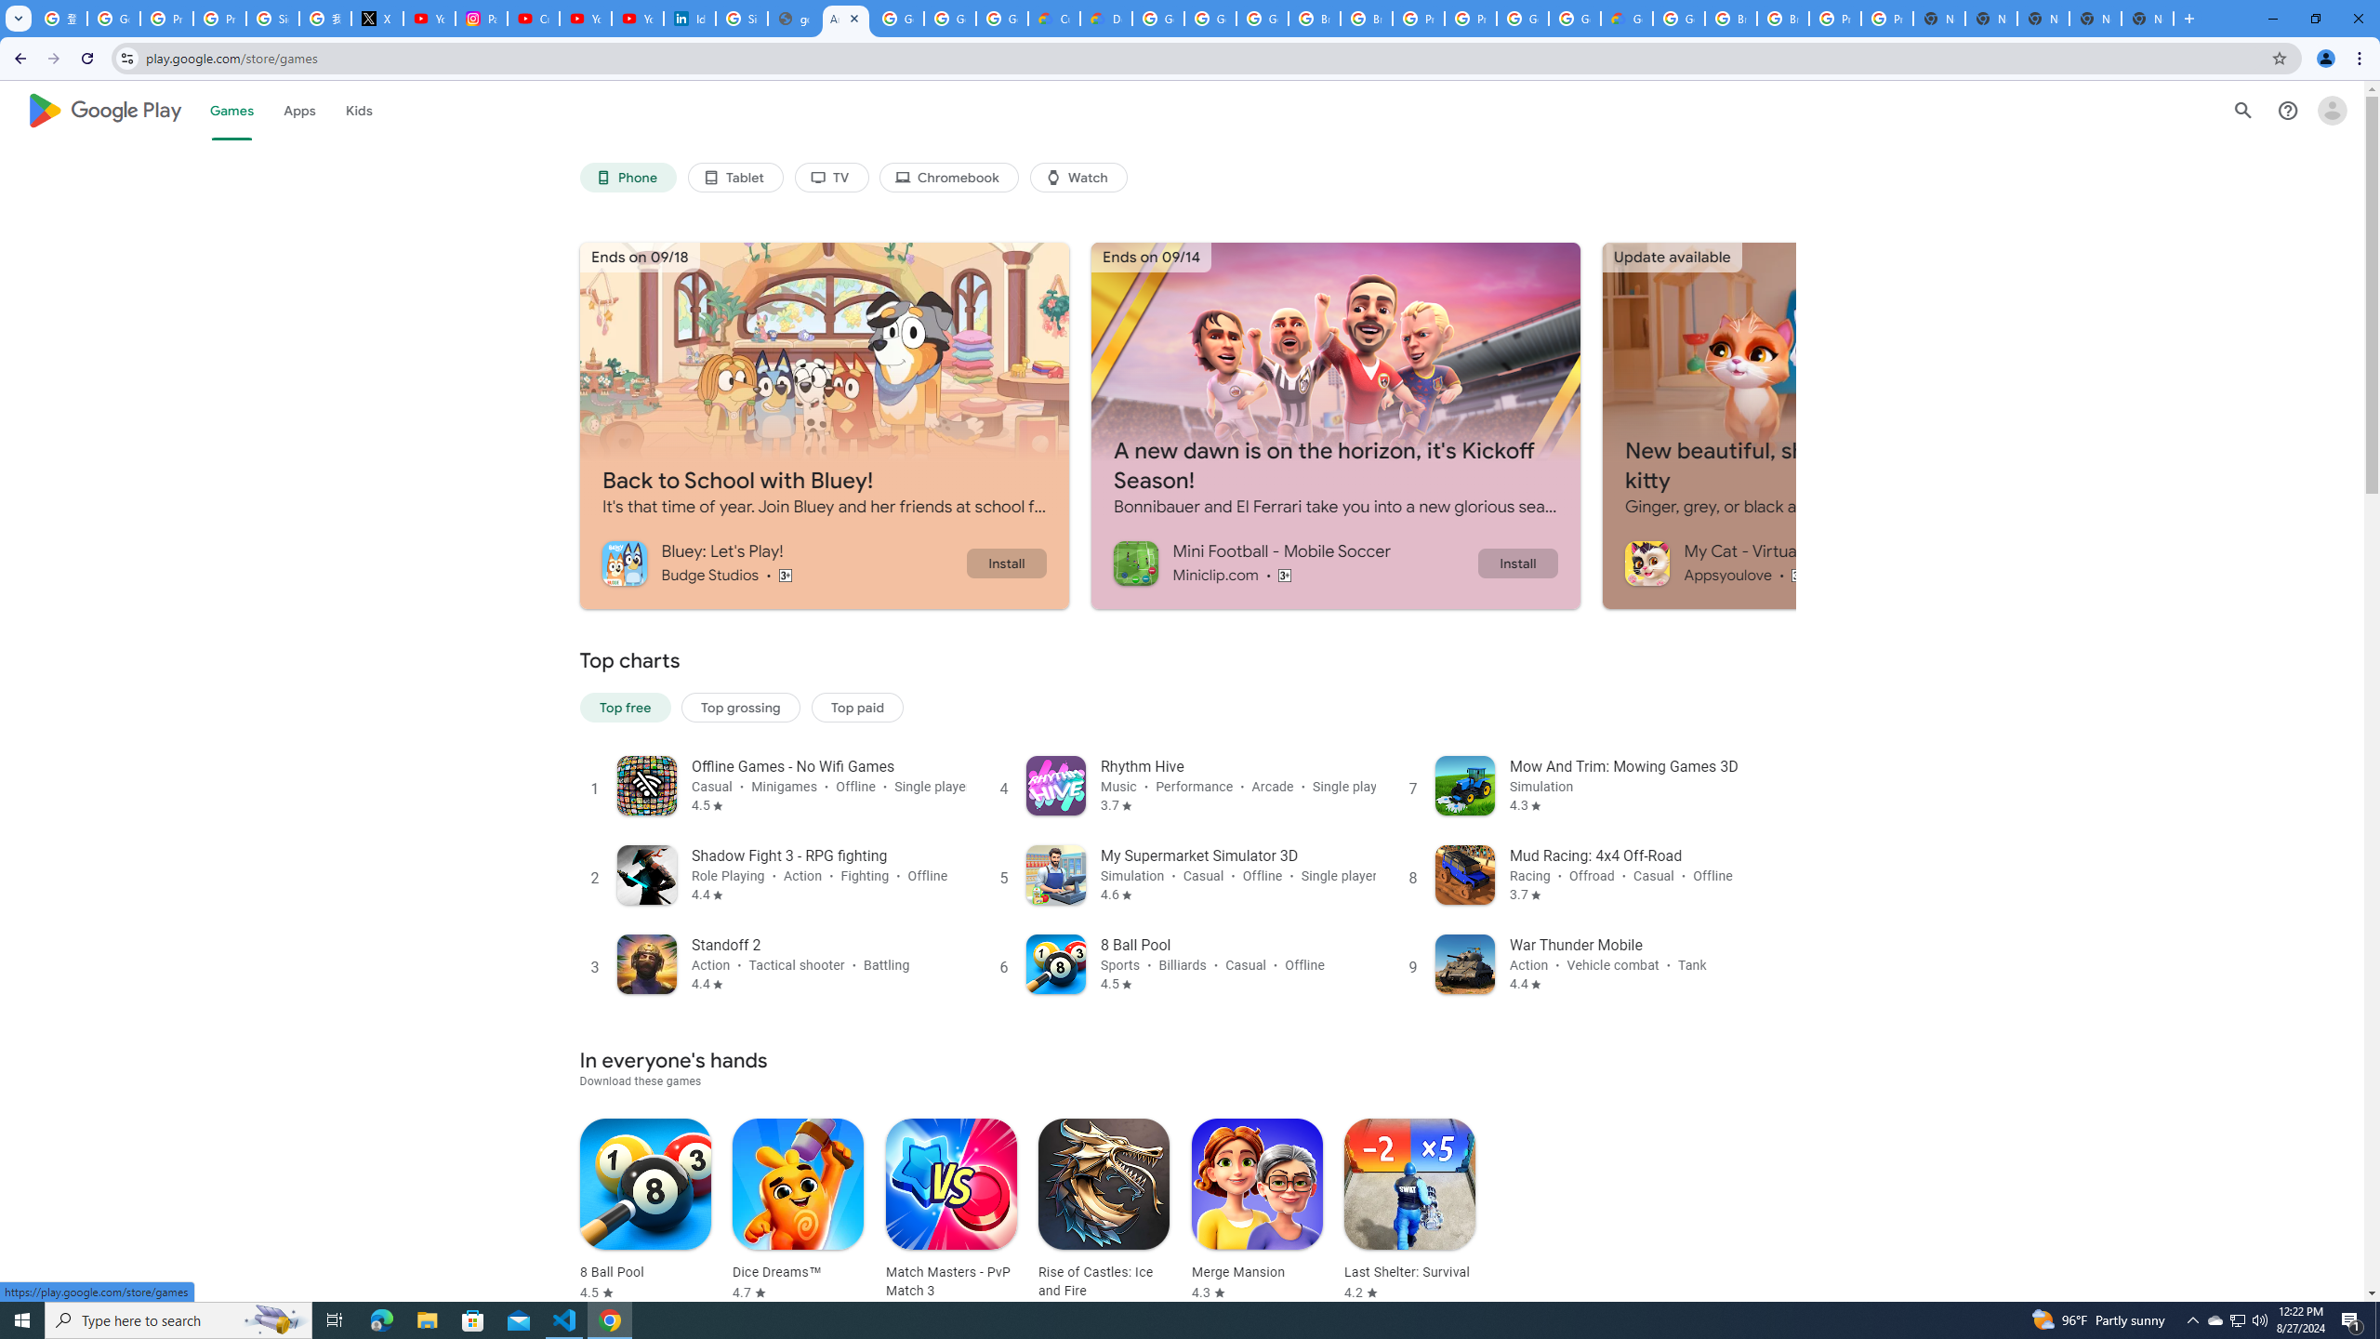 The height and width of the screenshot is (1339, 2380). I want to click on 'Last Shelter: Survival Rated 4.2 stars out of five stars', so click(1409, 1210).